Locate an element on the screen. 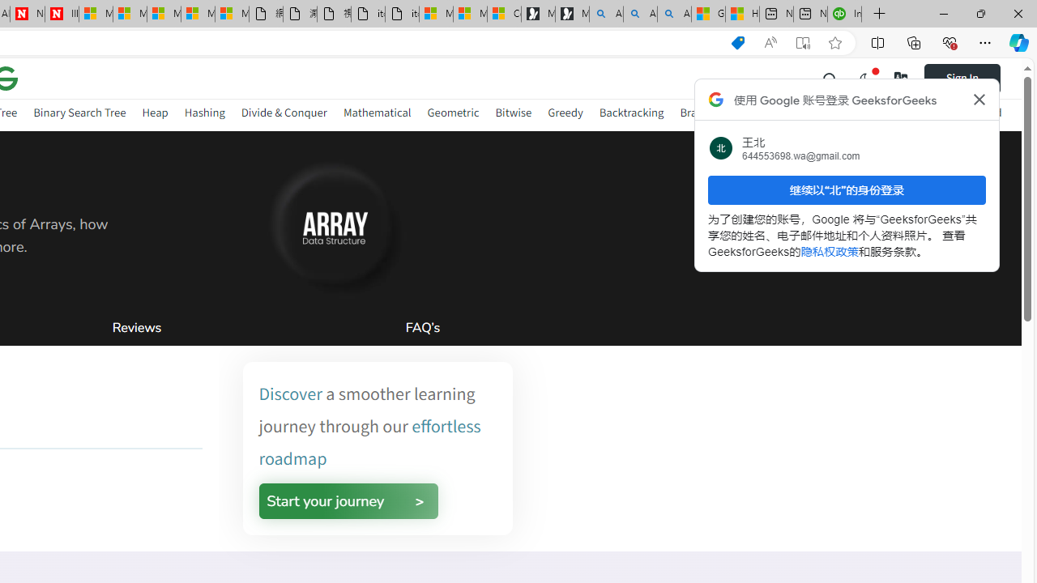  'Mathematical' is located at coordinates (376, 112).